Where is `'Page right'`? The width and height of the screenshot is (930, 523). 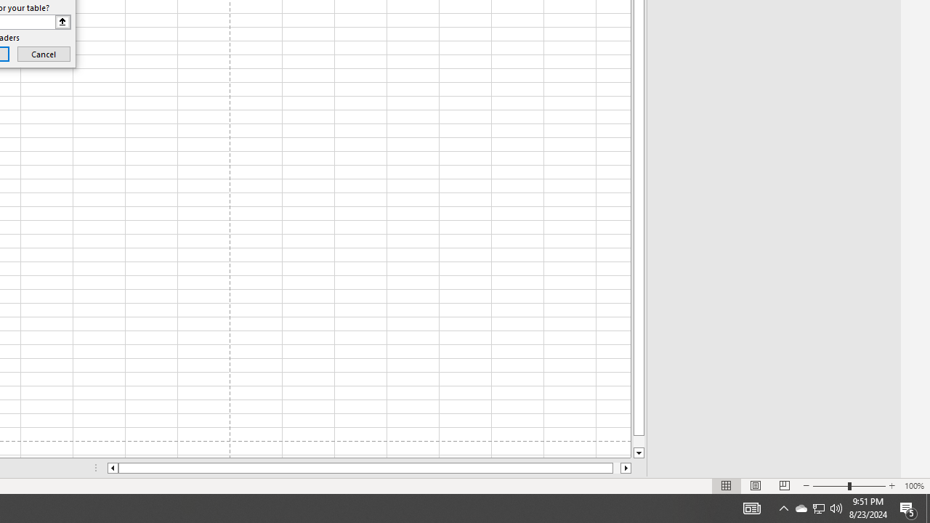
'Page right' is located at coordinates (616, 468).